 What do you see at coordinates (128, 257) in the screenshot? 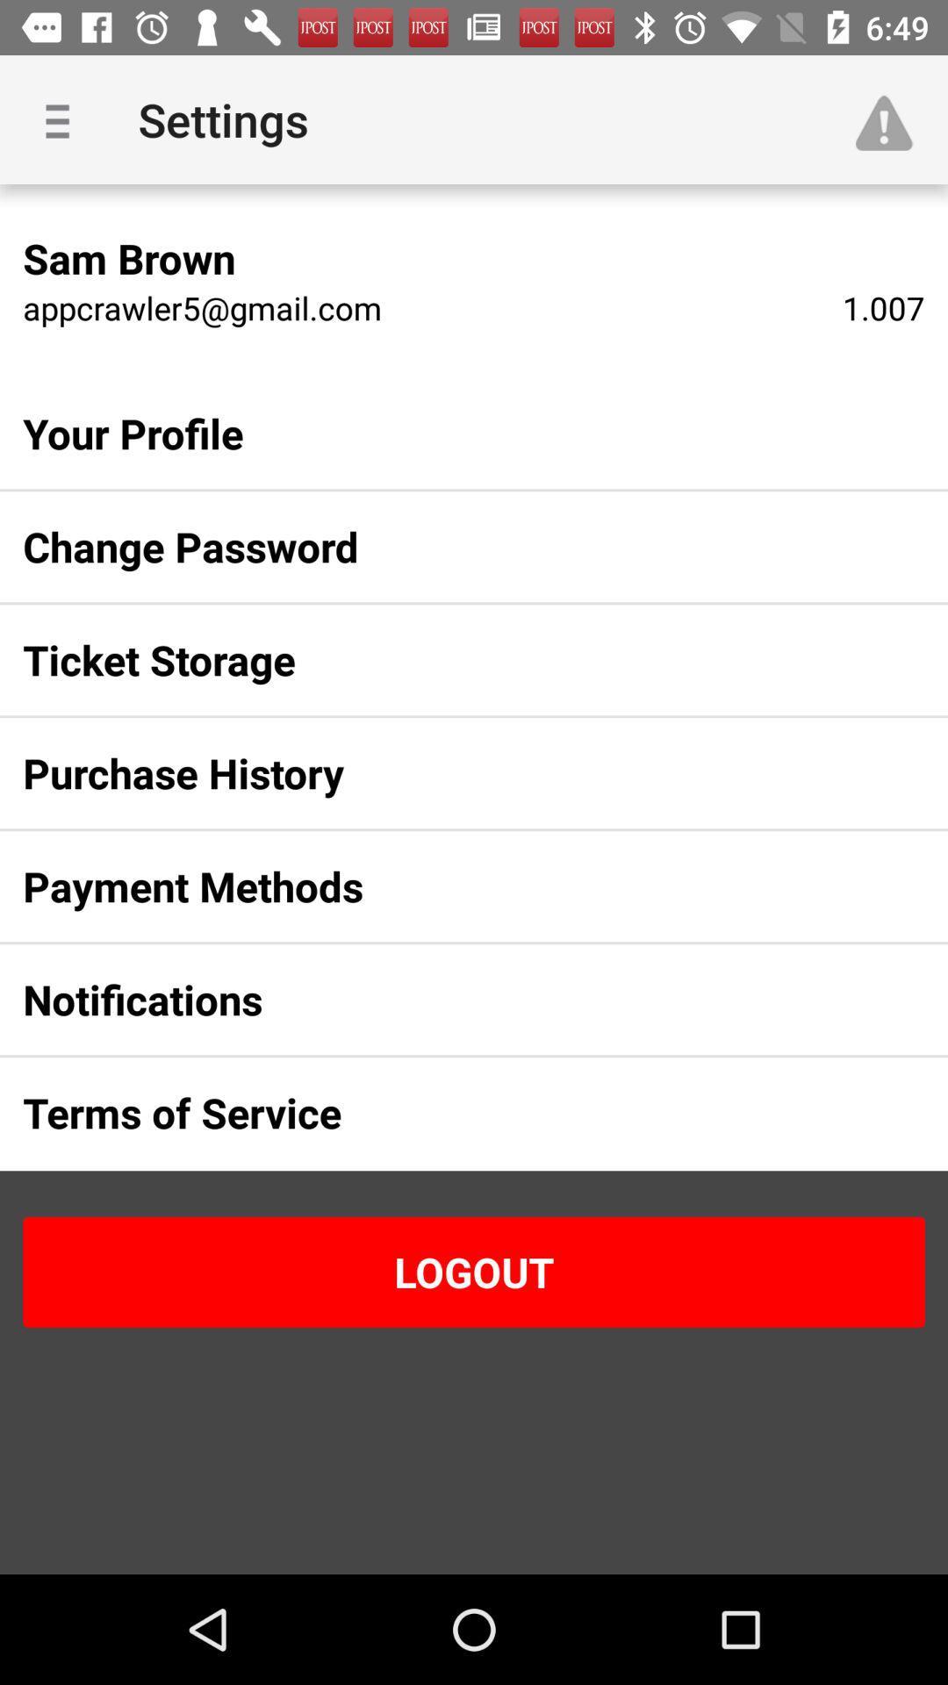
I see `the sam brown item` at bounding box center [128, 257].